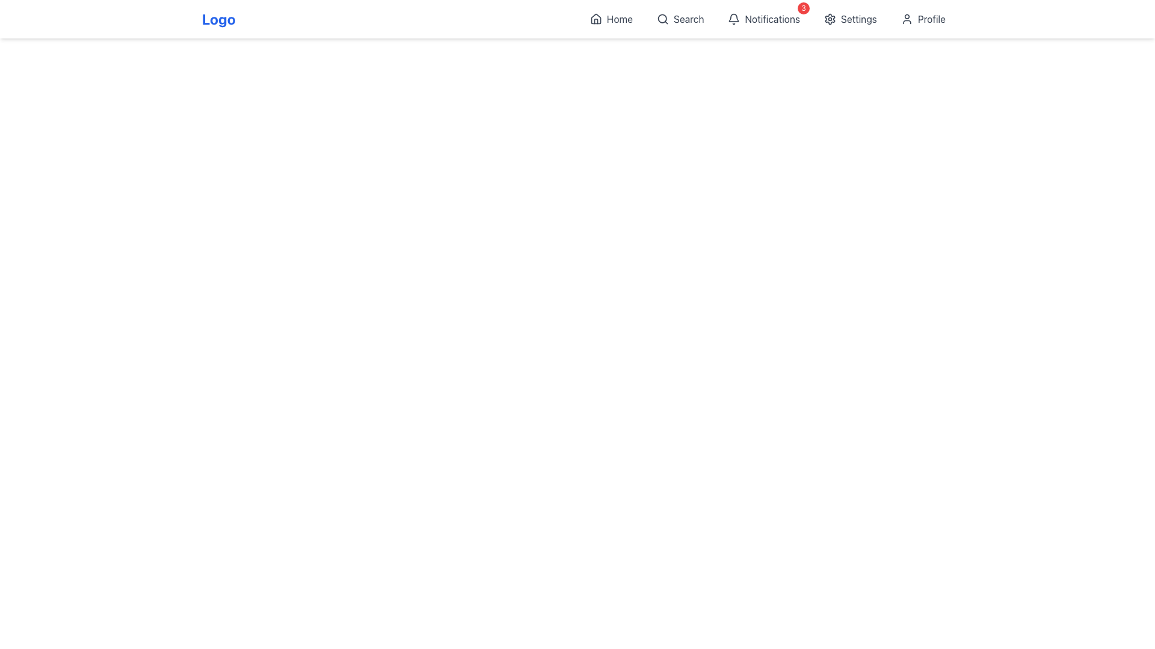 Image resolution: width=1155 pixels, height=649 pixels. What do you see at coordinates (662, 19) in the screenshot?
I see `the gray search icon (magnifying glass) located in the navigation bar to the left of the 'Search' text` at bounding box center [662, 19].